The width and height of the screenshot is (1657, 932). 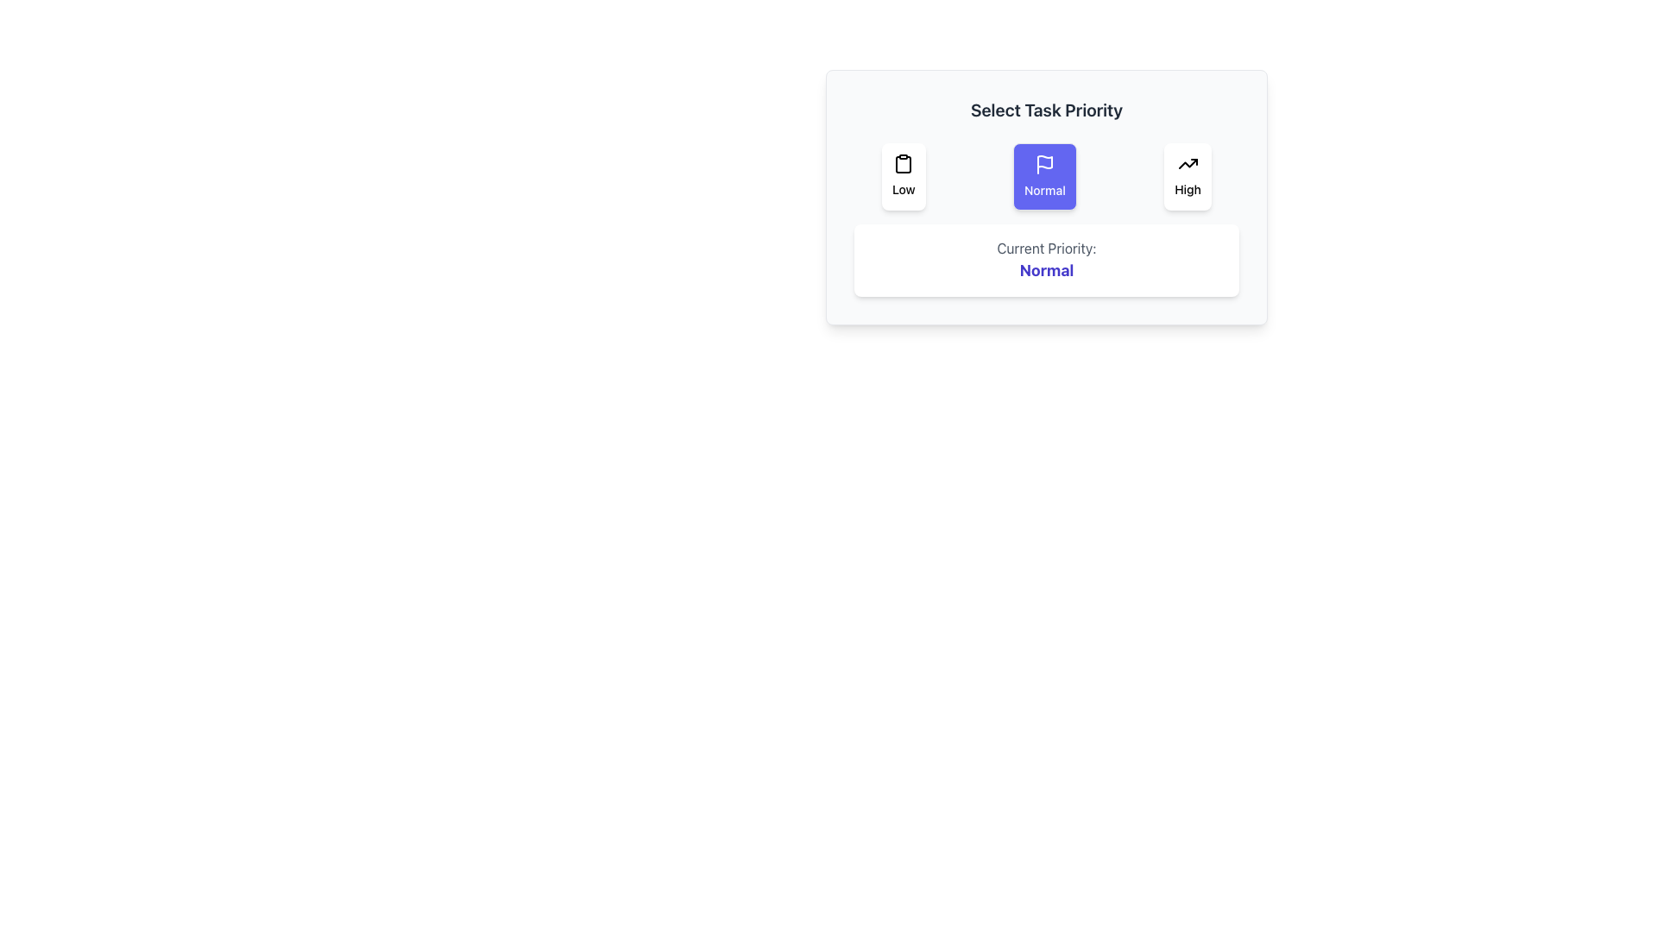 I want to click on the 'Low' priority button, which is styled with a white background and displays a clipboard icon, so click(x=903, y=176).